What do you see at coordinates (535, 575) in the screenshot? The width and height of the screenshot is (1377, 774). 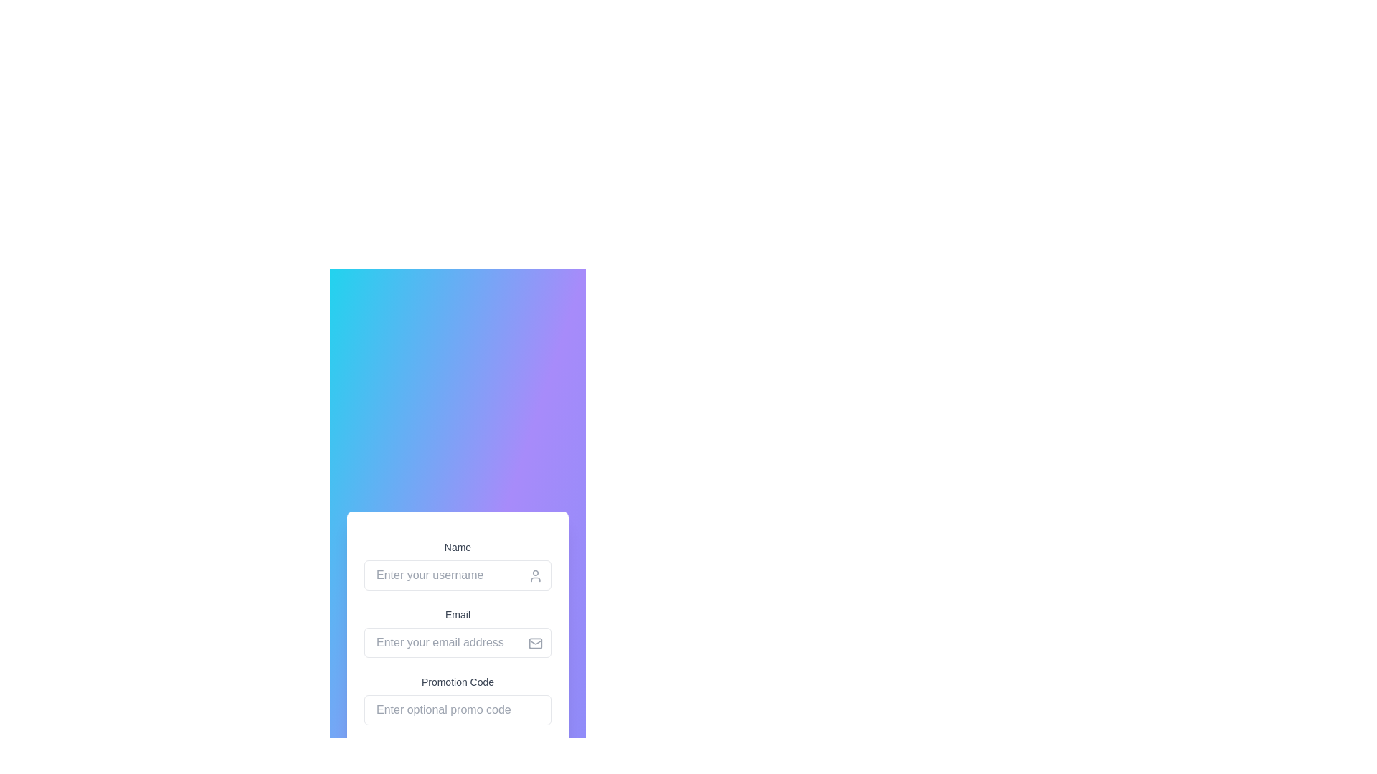 I see `the decorative icon that visually indicates the purpose of the adjacent input field for entering a username, located at the top-right section of the input box` at bounding box center [535, 575].